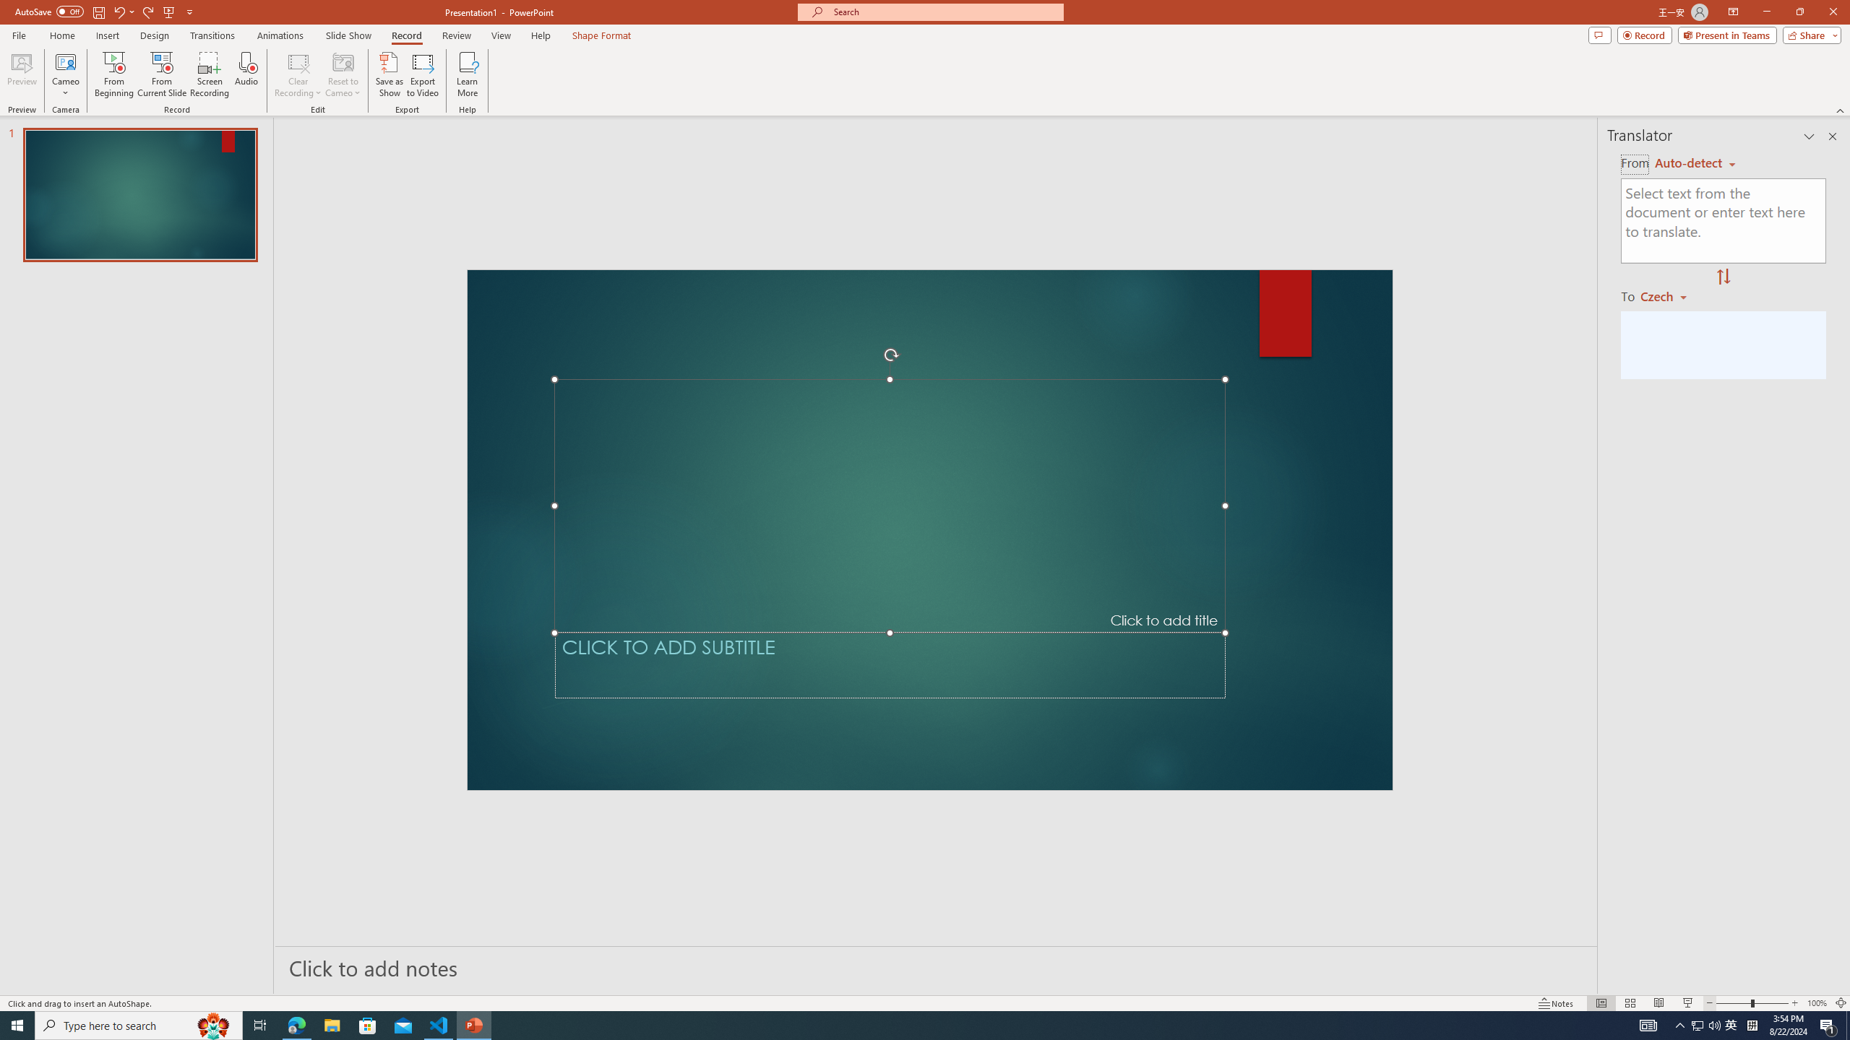  I want to click on 'Zoom In', so click(1794, 1003).